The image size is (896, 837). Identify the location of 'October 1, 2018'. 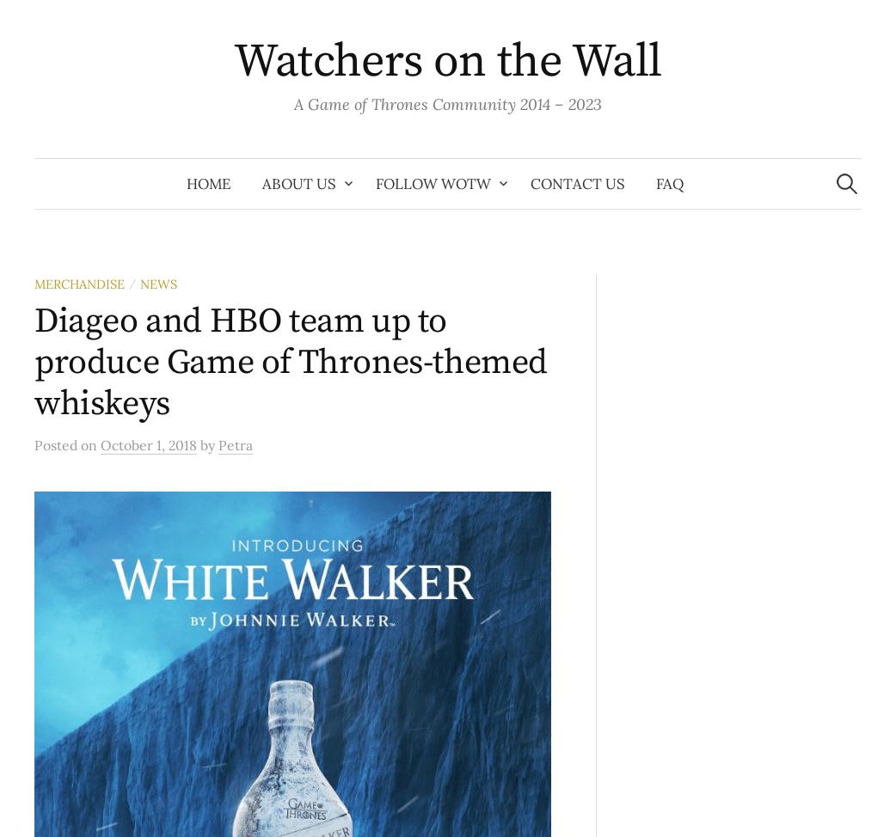
(148, 444).